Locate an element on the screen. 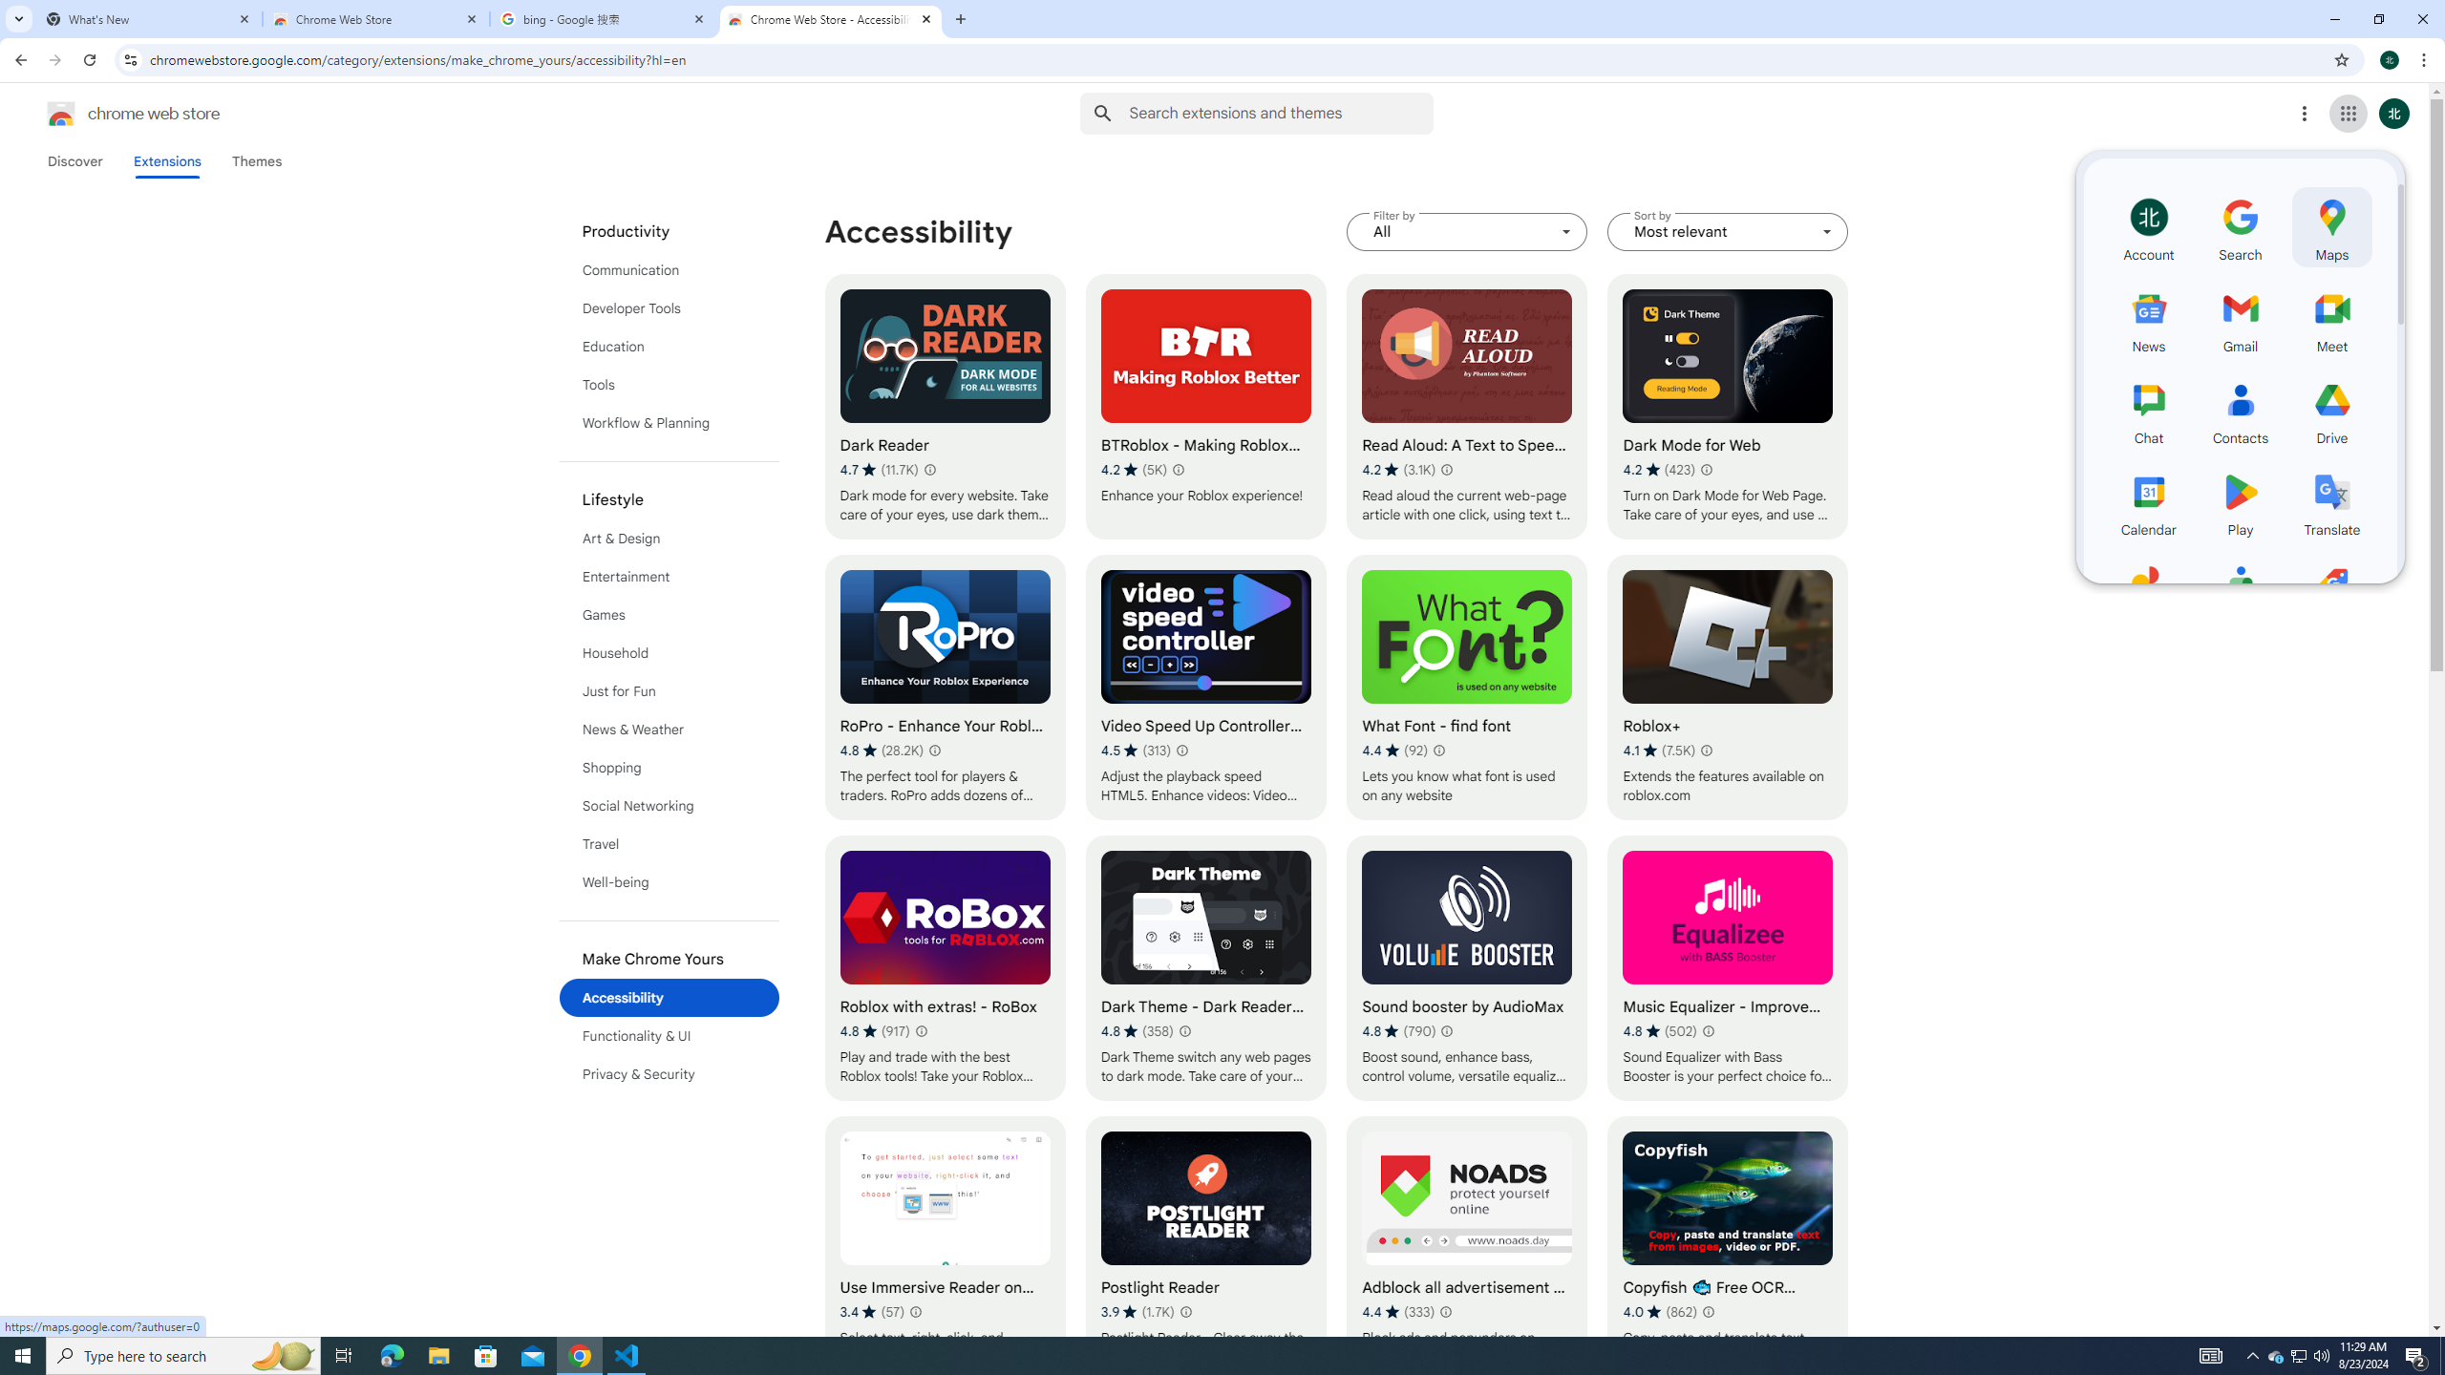 This screenshot has width=2445, height=1375. 'Shopping' is located at coordinates (670, 767).